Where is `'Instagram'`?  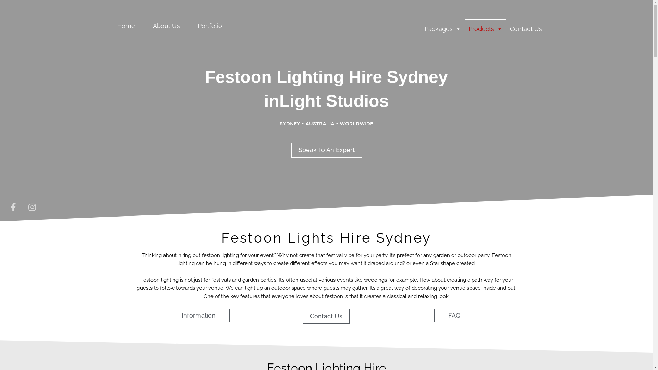 'Instagram' is located at coordinates (32, 207).